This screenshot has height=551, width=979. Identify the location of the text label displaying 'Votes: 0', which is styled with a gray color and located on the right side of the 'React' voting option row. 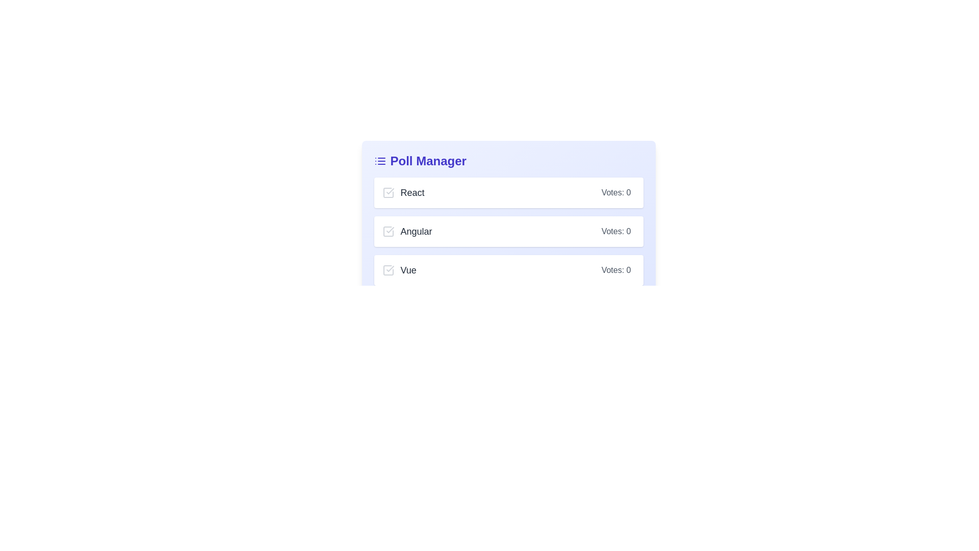
(615, 193).